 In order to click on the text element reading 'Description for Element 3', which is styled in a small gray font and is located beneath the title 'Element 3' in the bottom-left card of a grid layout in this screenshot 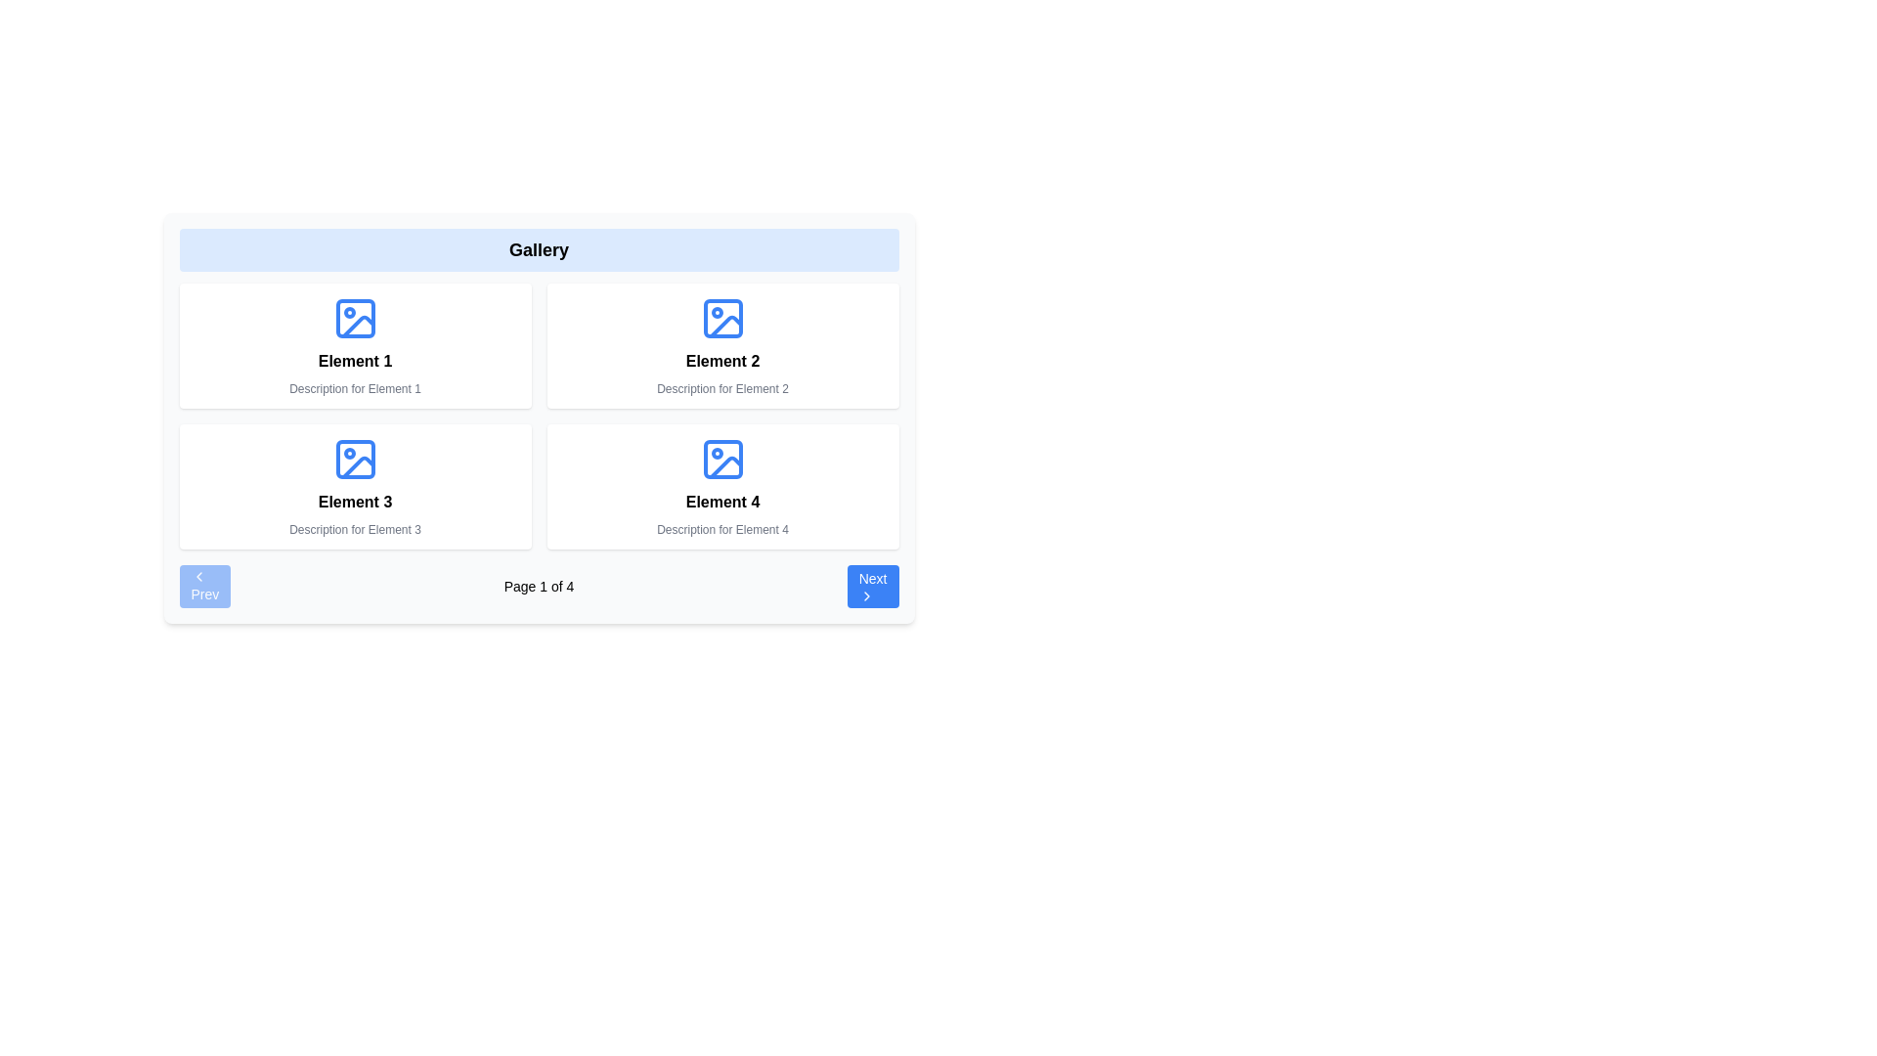, I will do `click(355, 530)`.